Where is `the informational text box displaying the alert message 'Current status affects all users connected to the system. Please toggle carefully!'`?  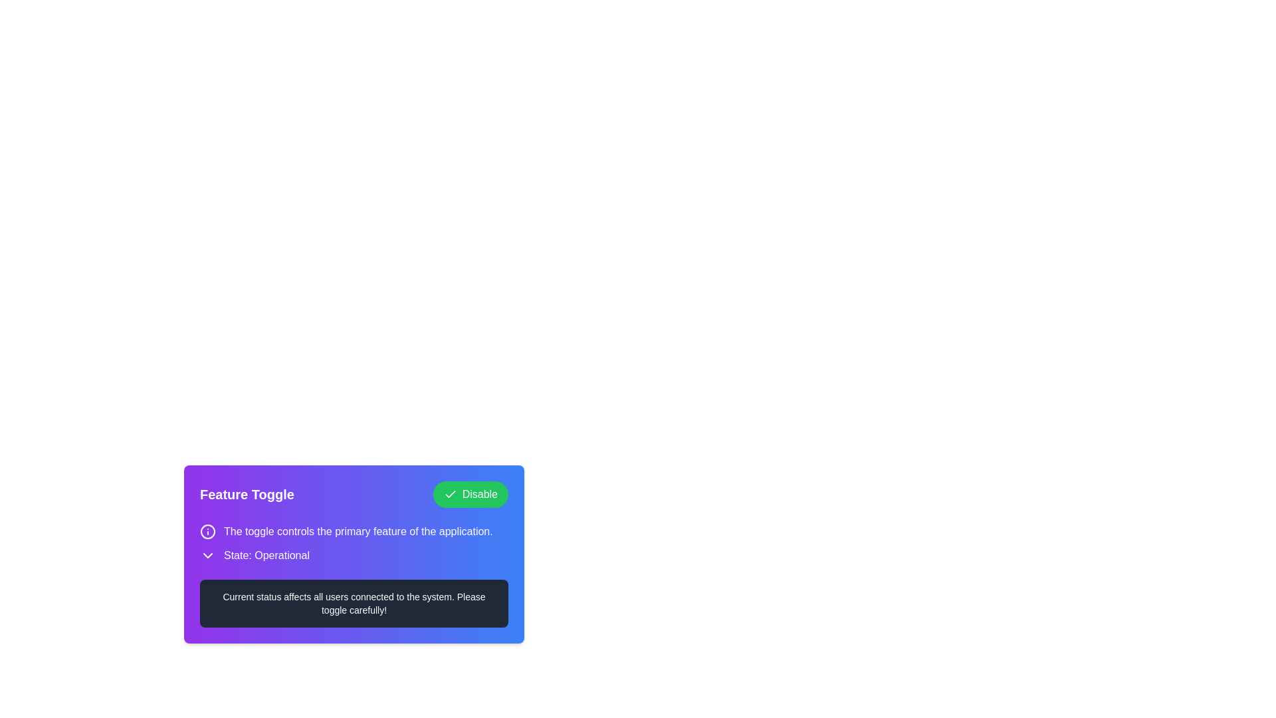
the informational text box displaying the alert message 'Current status affects all users connected to the system. Please toggle carefully!' is located at coordinates (354, 603).